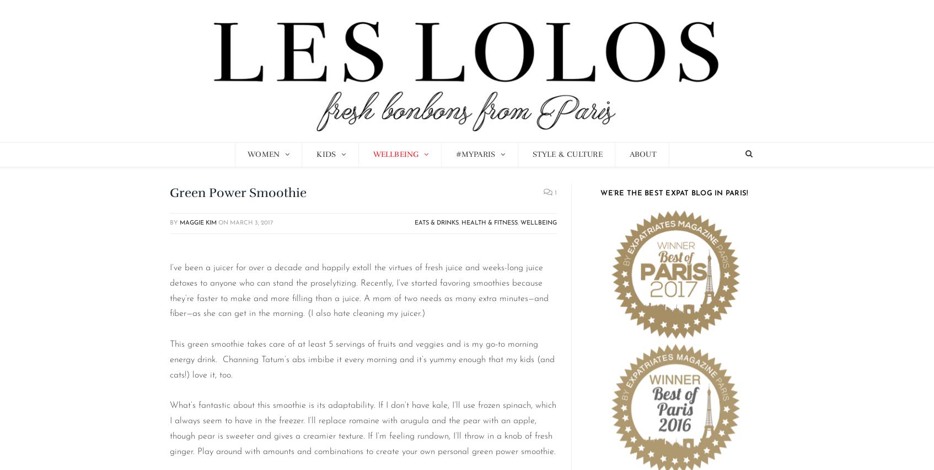 The image size is (934, 470). Describe the element at coordinates (174, 222) in the screenshot. I see `'By'` at that location.